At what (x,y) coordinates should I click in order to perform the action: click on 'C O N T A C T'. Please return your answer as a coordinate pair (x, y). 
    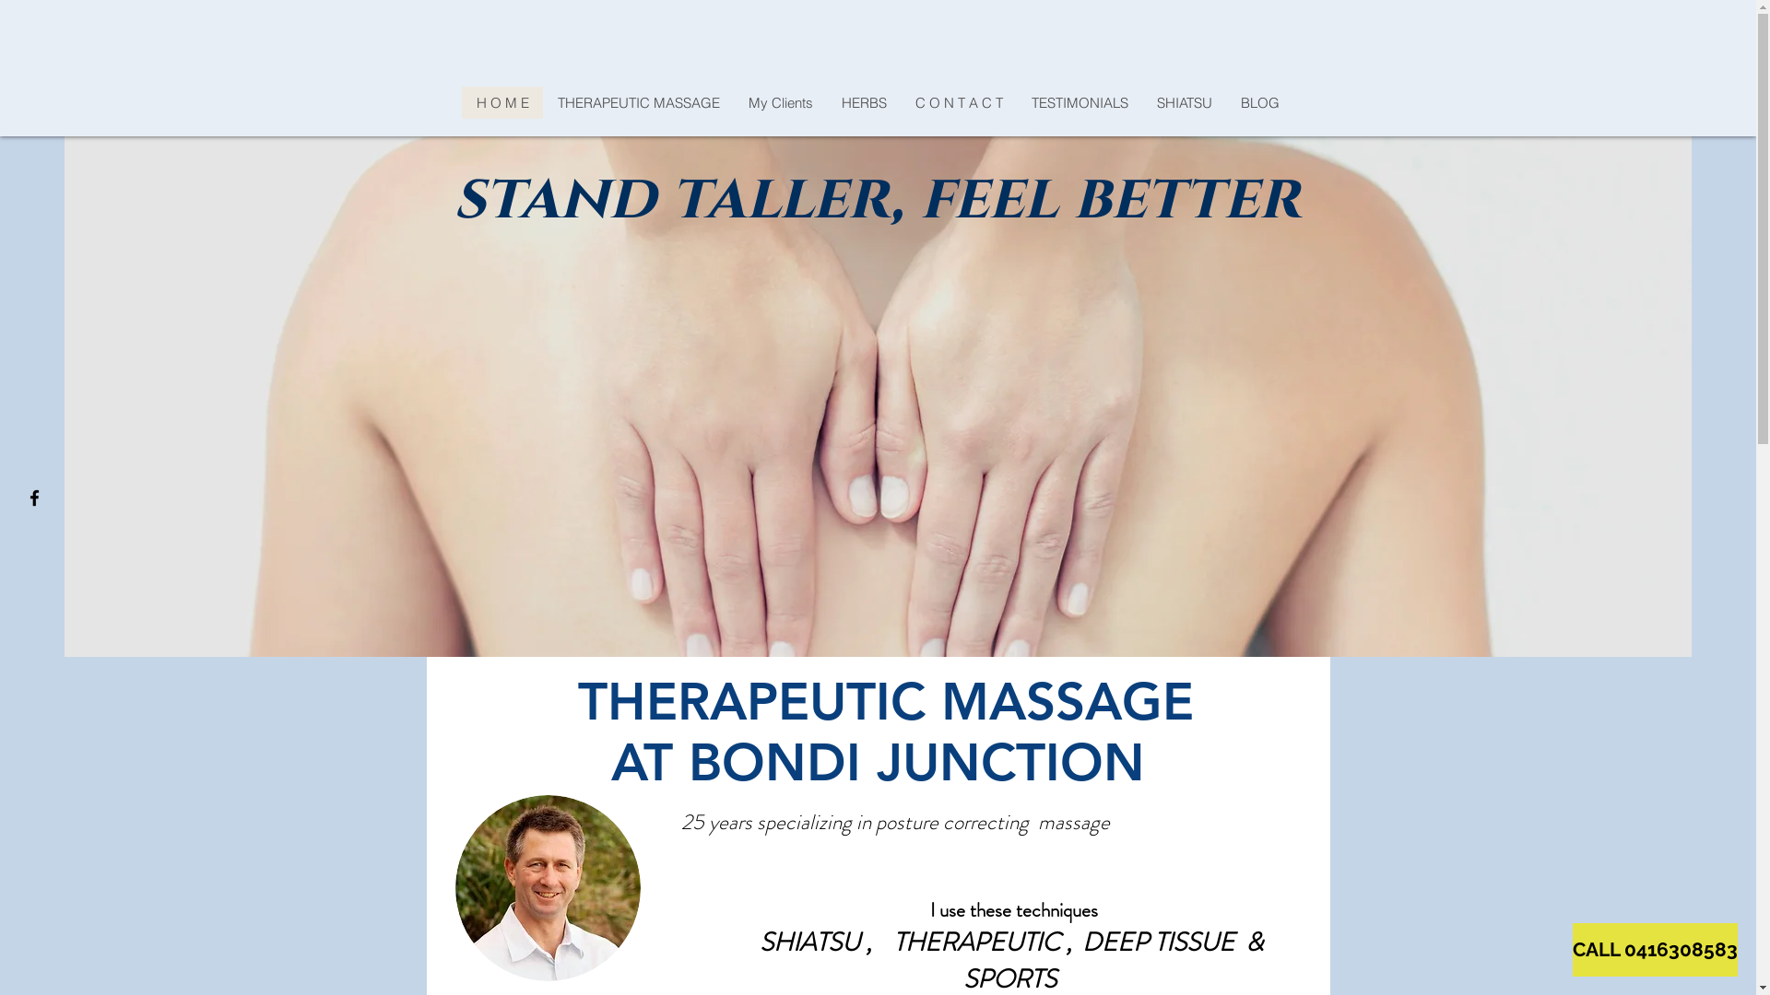
    Looking at the image, I should click on (901, 102).